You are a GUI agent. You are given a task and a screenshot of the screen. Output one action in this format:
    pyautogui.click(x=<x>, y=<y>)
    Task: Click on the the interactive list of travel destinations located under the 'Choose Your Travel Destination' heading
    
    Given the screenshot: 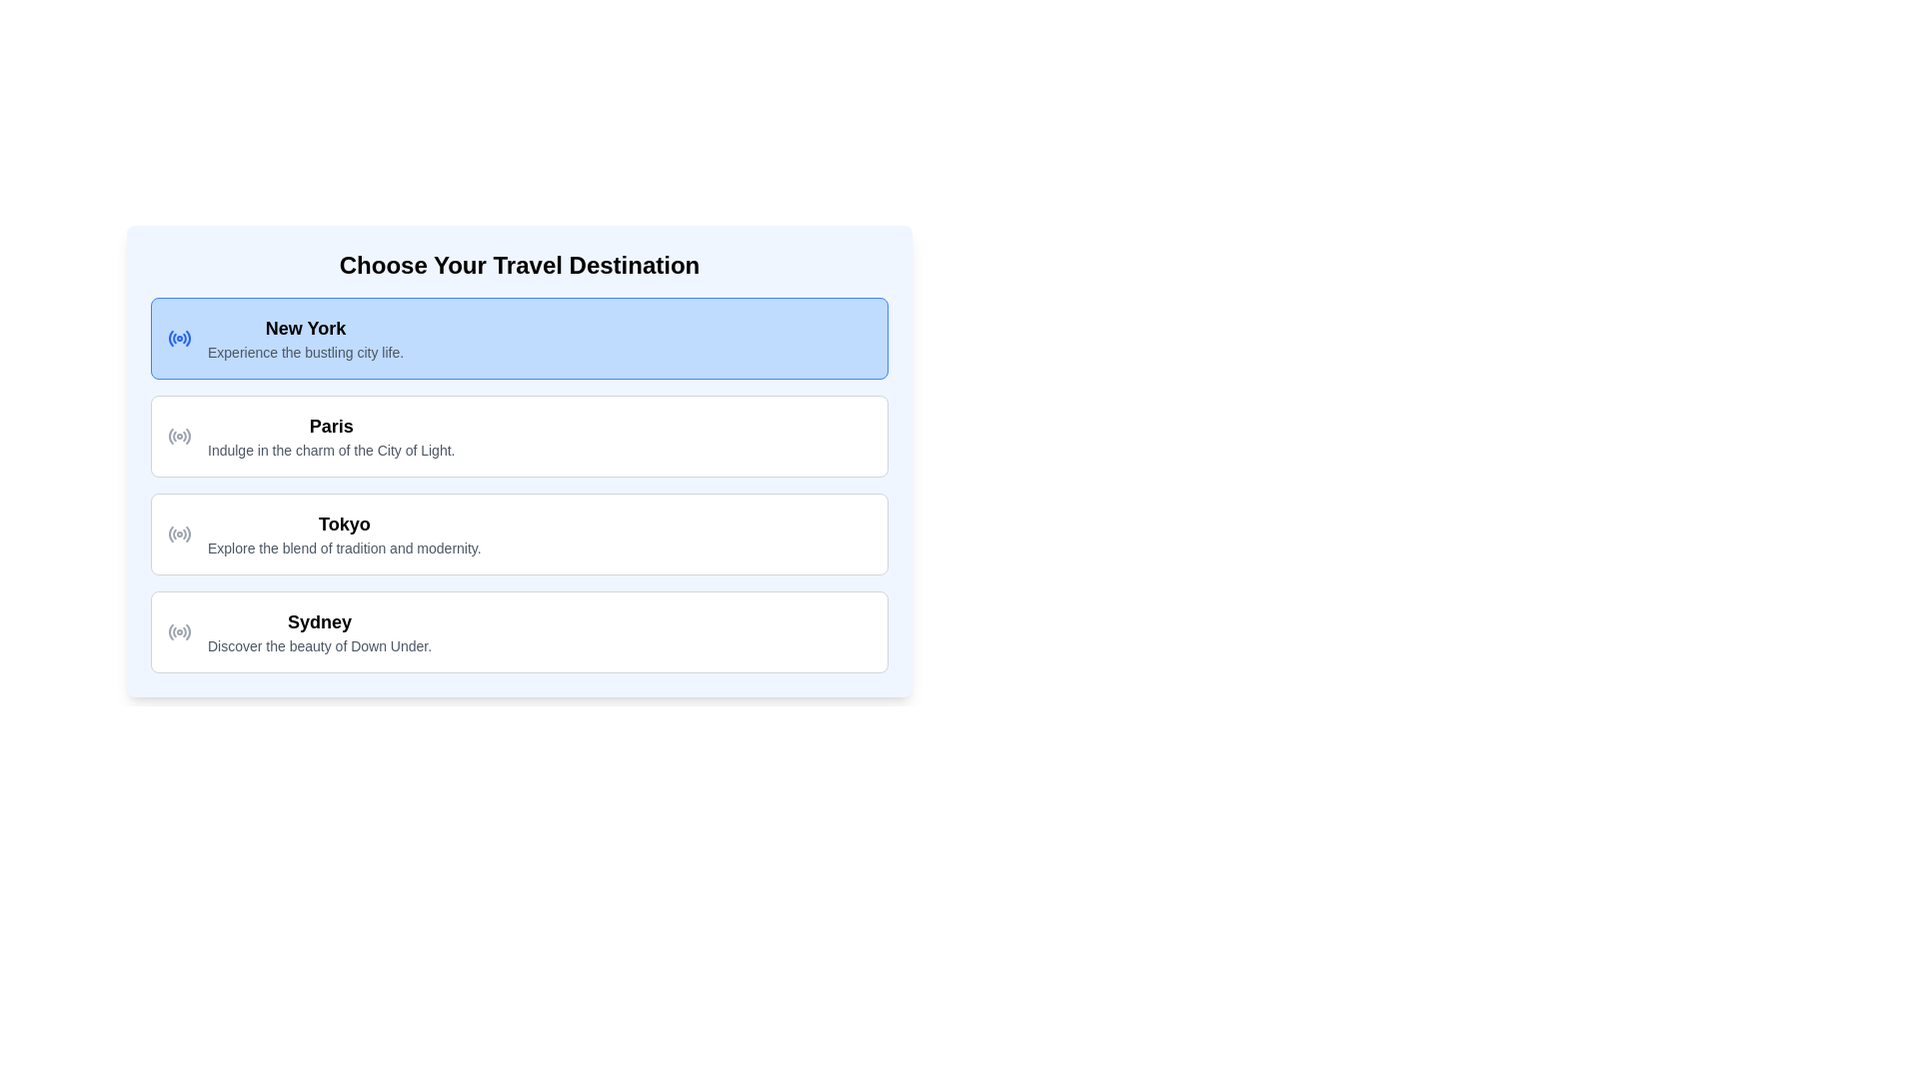 What is the action you would take?
    pyautogui.click(x=519, y=486)
    